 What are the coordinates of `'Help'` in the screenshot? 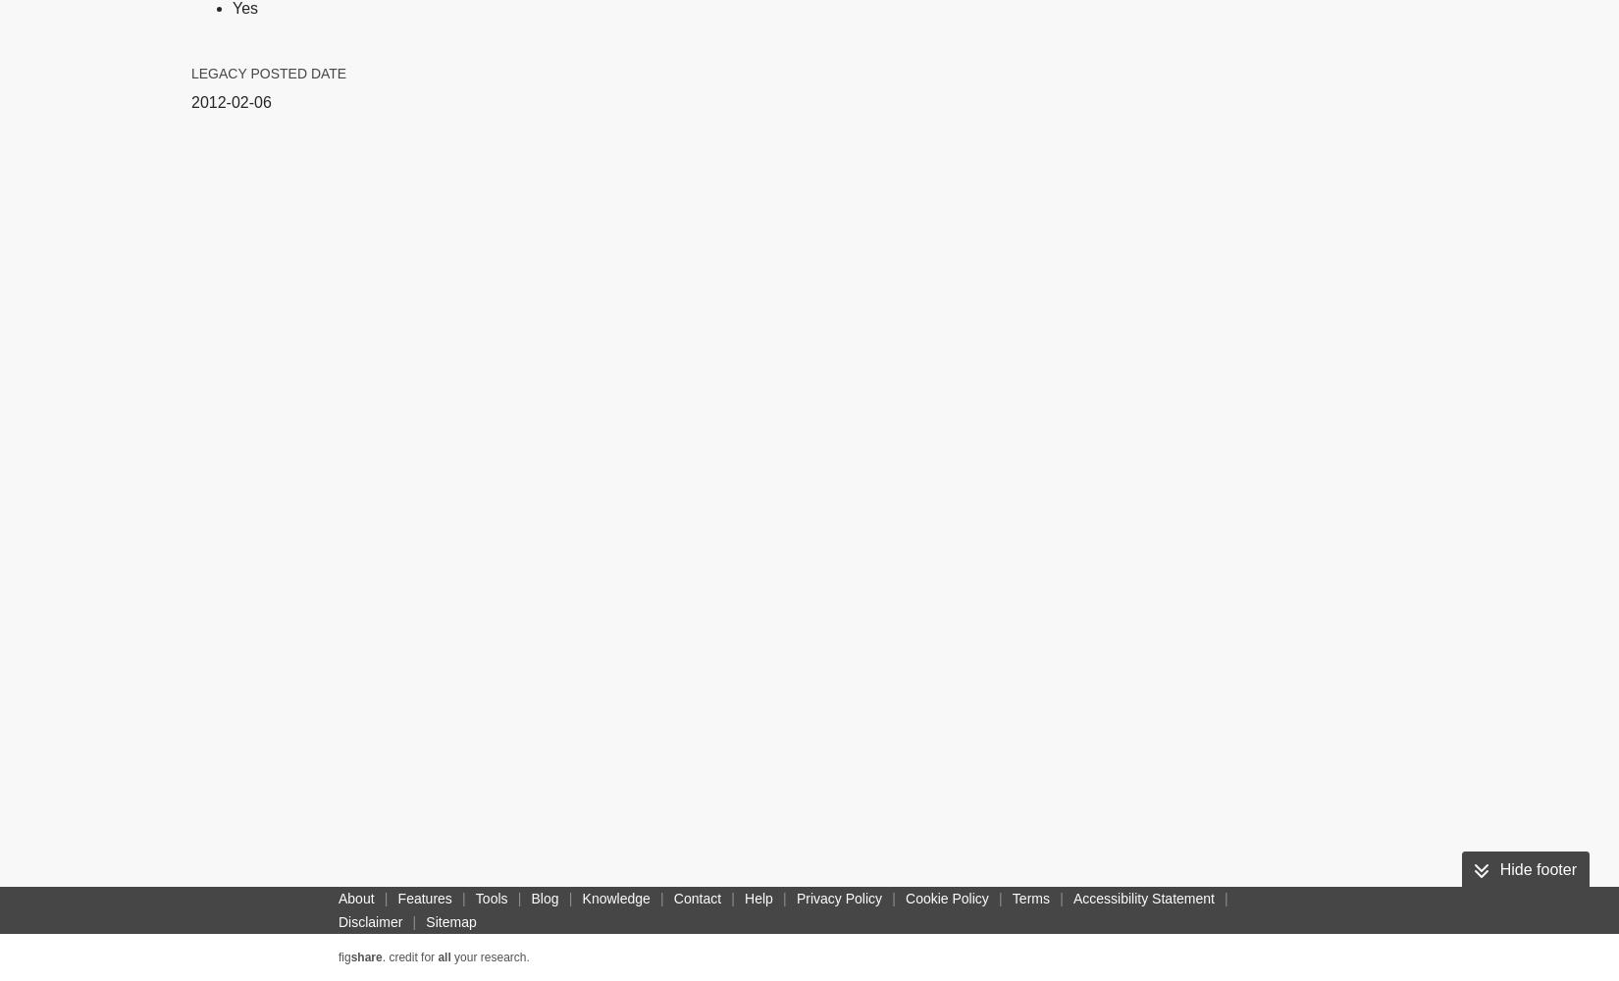 It's located at (757, 899).